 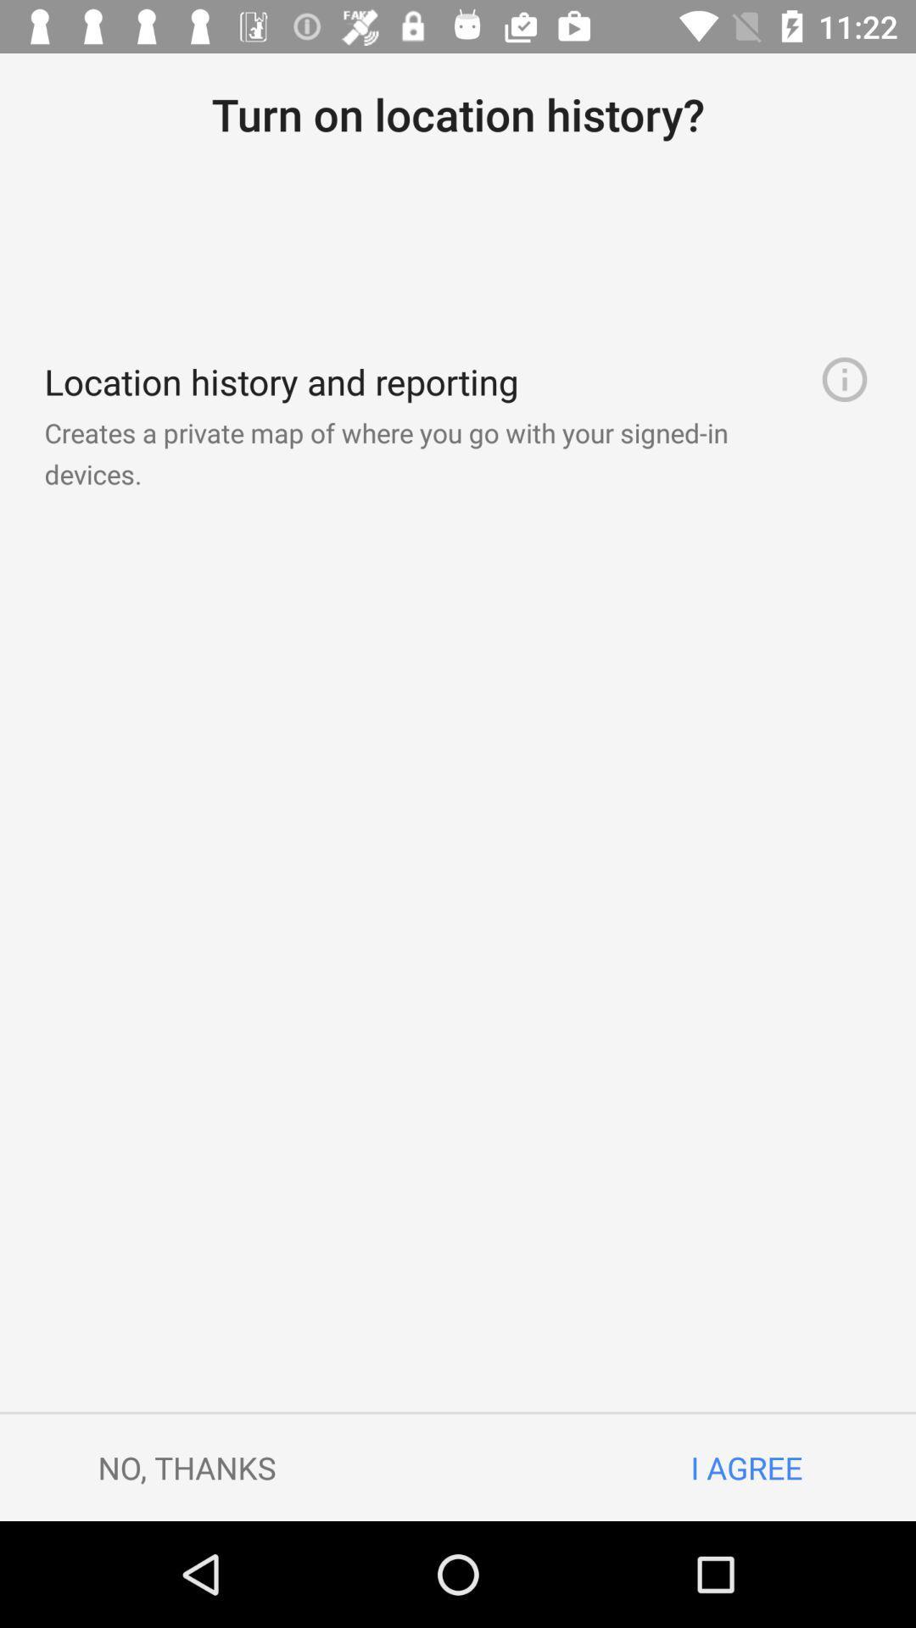 What do you see at coordinates (187, 1467) in the screenshot?
I see `the no, thanks icon` at bounding box center [187, 1467].